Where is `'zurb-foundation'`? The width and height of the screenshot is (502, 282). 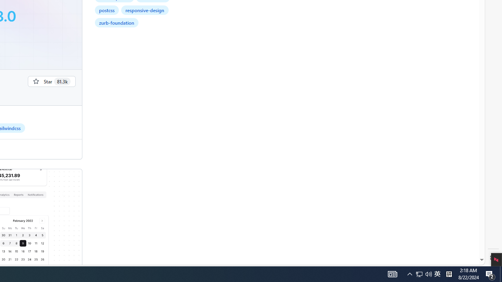 'zurb-foundation' is located at coordinates (116, 22).